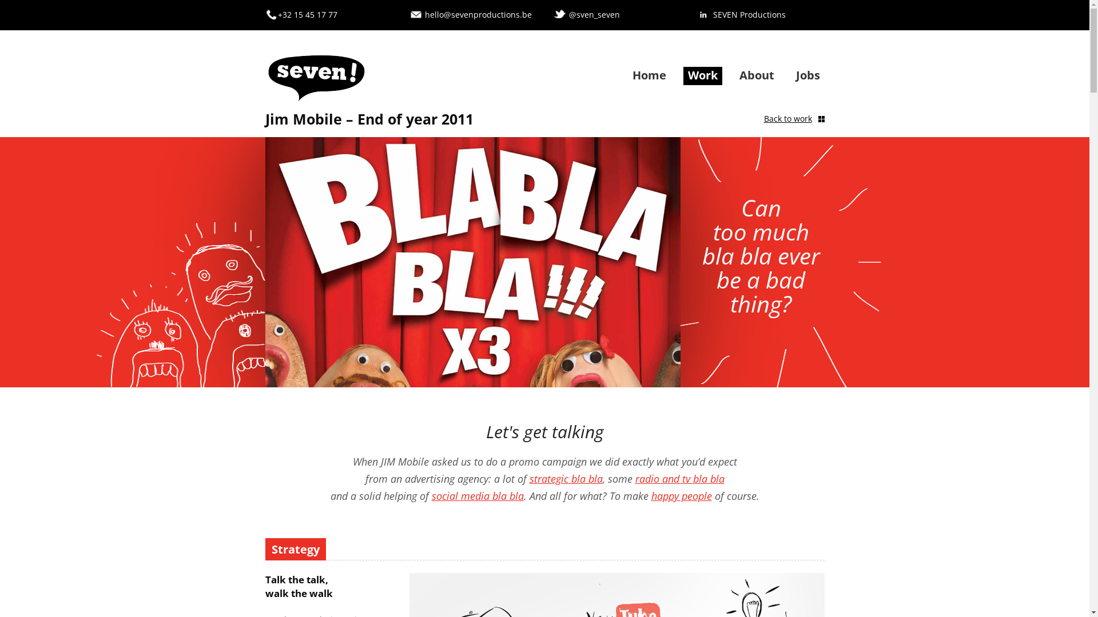 The height and width of the screenshot is (617, 1098). What do you see at coordinates (566, 478) in the screenshot?
I see `'strategic bla bla'` at bounding box center [566, 478].